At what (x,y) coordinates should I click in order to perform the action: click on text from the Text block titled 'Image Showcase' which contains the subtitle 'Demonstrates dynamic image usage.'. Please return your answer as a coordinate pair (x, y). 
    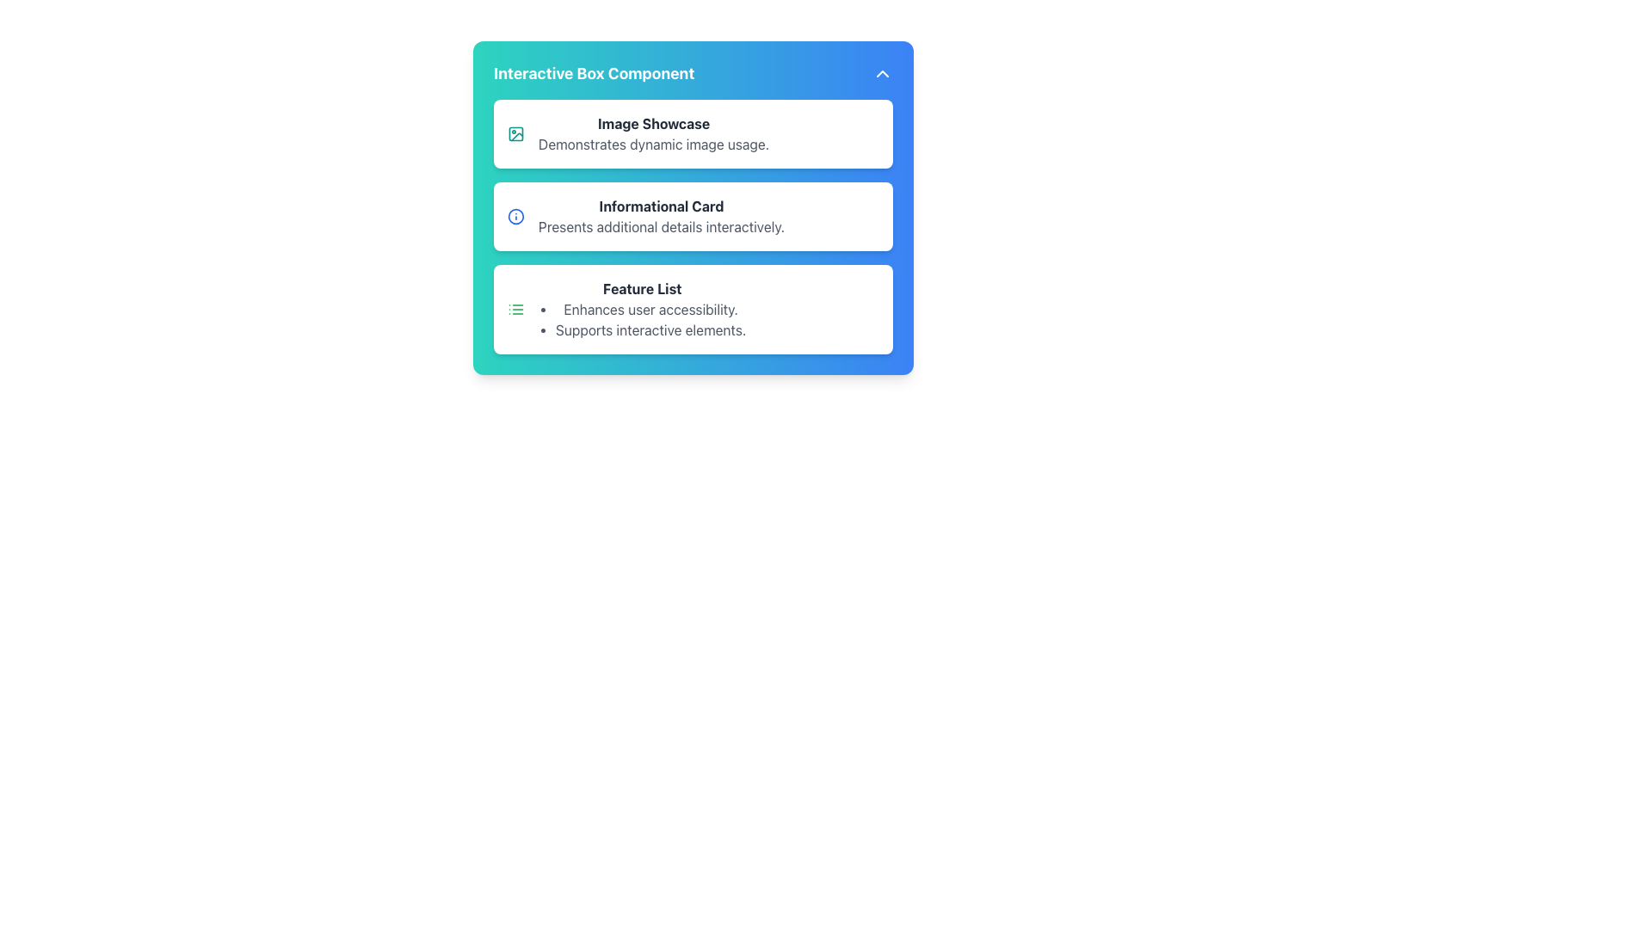
    Looking at the image, I should click on (653, 132).